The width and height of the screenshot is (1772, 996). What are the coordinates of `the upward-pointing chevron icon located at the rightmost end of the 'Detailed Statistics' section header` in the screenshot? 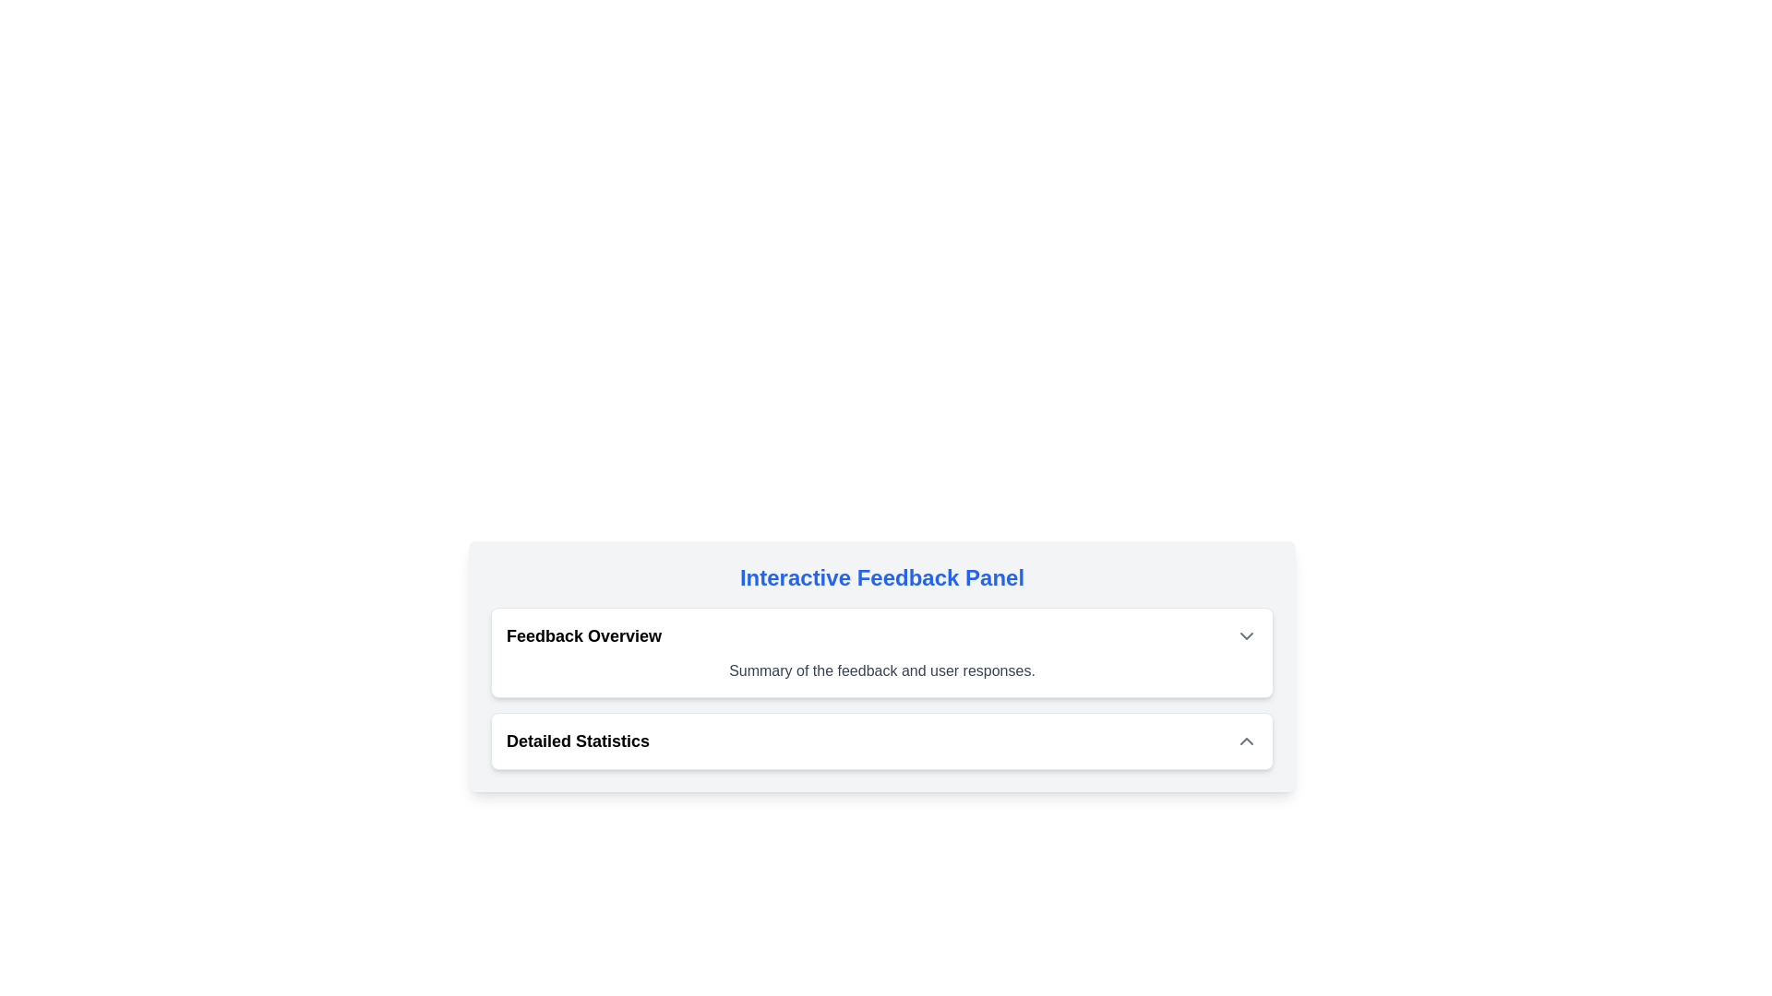 It's located at (1246, 740).